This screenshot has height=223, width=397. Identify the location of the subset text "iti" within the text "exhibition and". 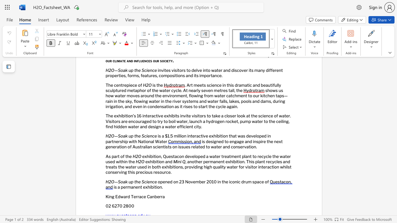
(156, 161).